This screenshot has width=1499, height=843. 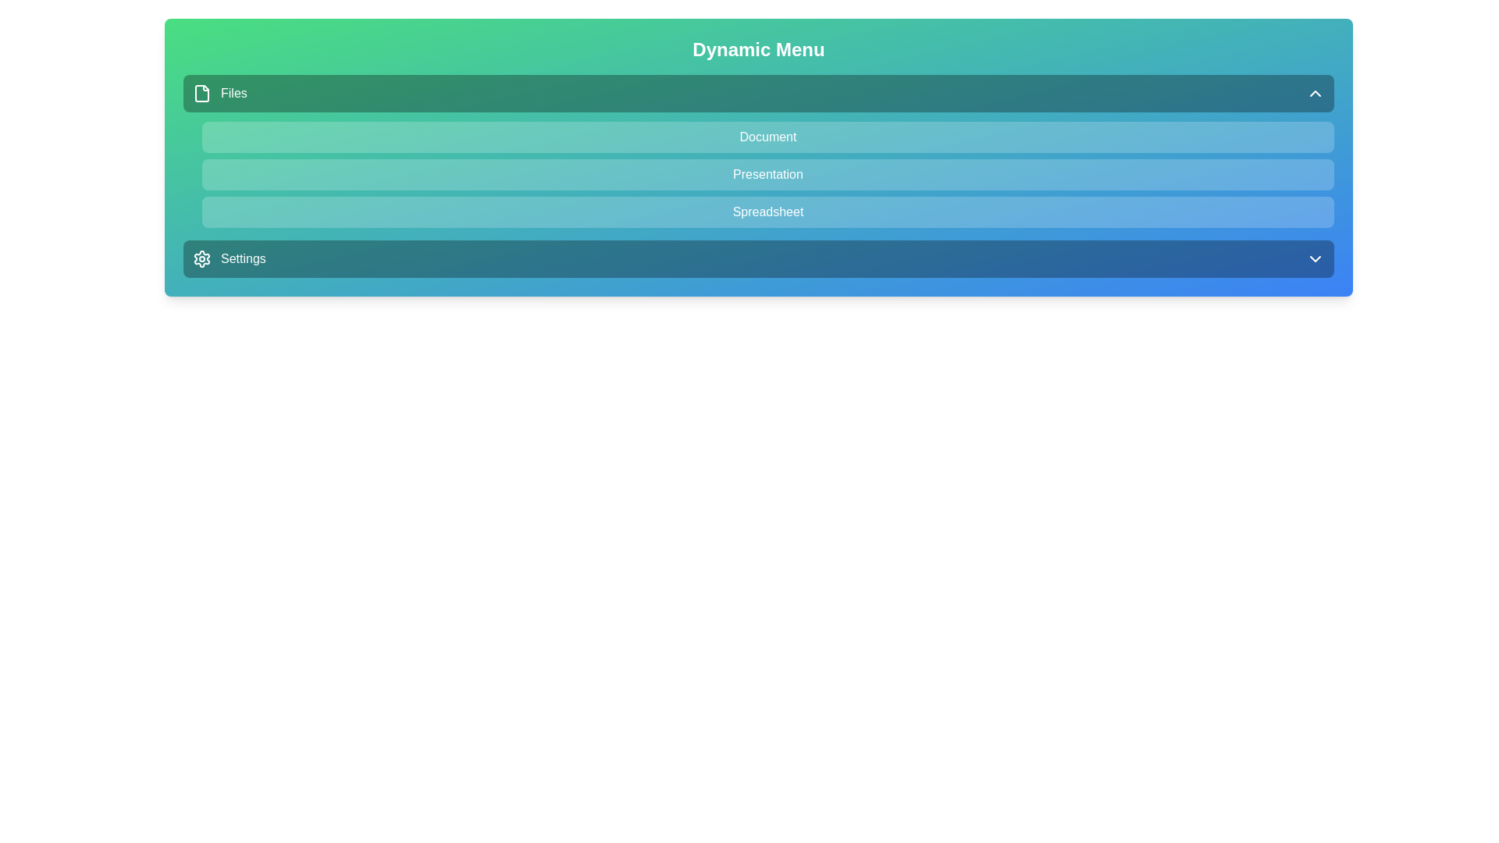 What do you see at coordinates (1314, 93) in the screenshot?
I see `the upward-facing chevron icon with a white stroke at the far right of the 'Files' section` at bounding box center [1314, 93].